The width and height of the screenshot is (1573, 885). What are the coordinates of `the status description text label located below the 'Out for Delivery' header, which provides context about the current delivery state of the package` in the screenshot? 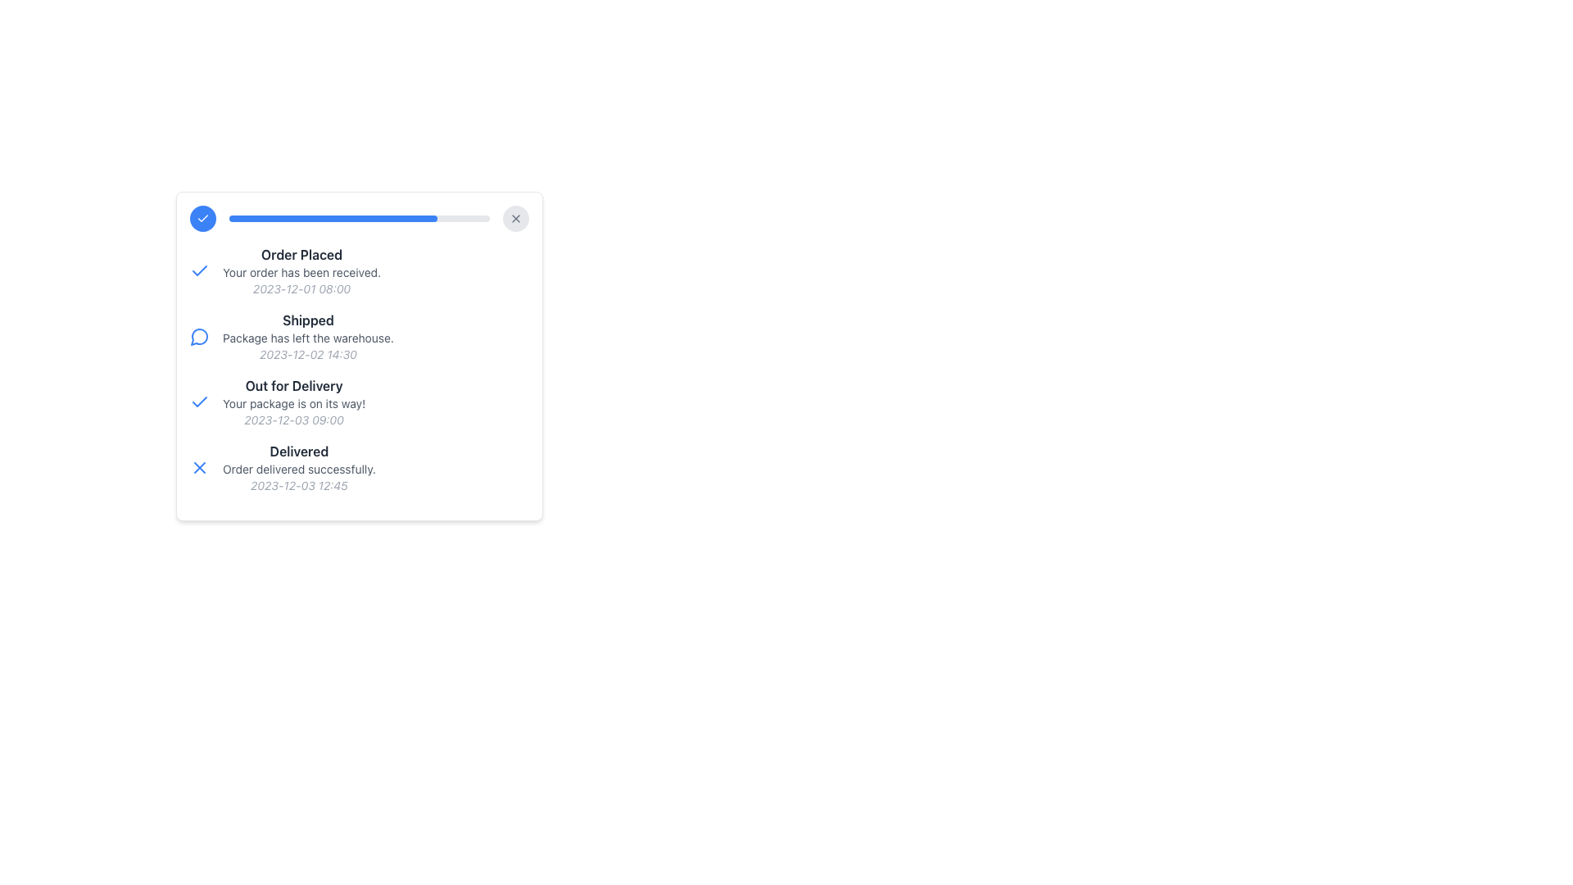 It's located at (294, 404).